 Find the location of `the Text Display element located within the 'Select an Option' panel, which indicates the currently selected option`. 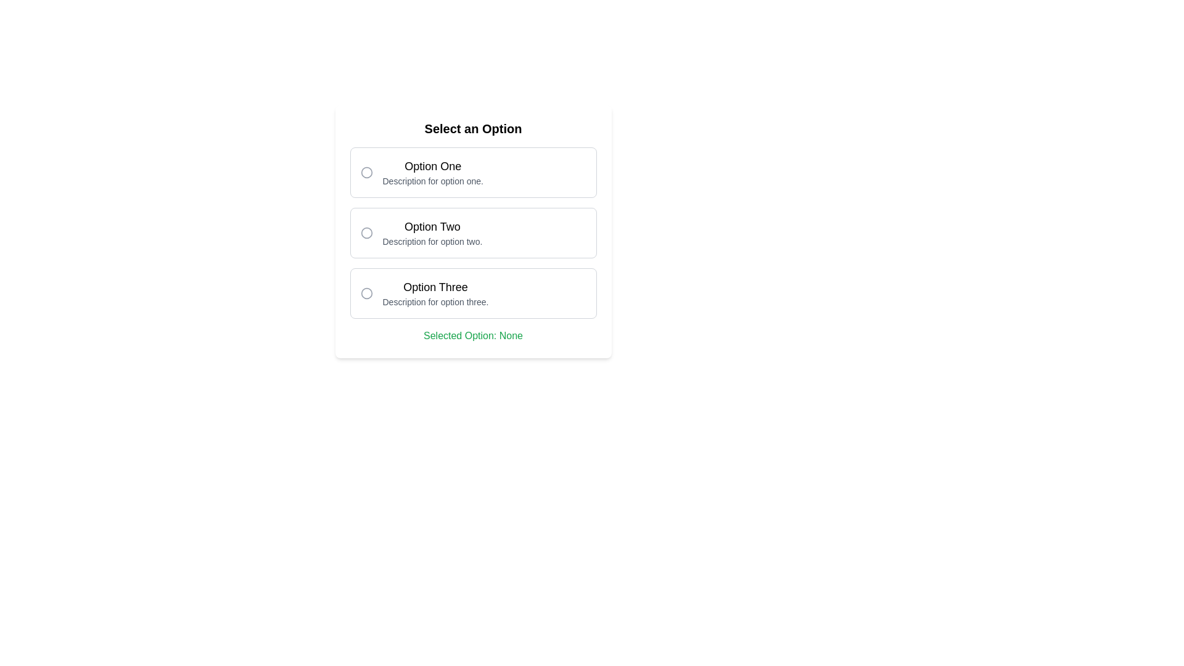

the Text Display element located within the 'Select an Option' panel, which indicates the currently selected option is located at coordinates (472, 335).